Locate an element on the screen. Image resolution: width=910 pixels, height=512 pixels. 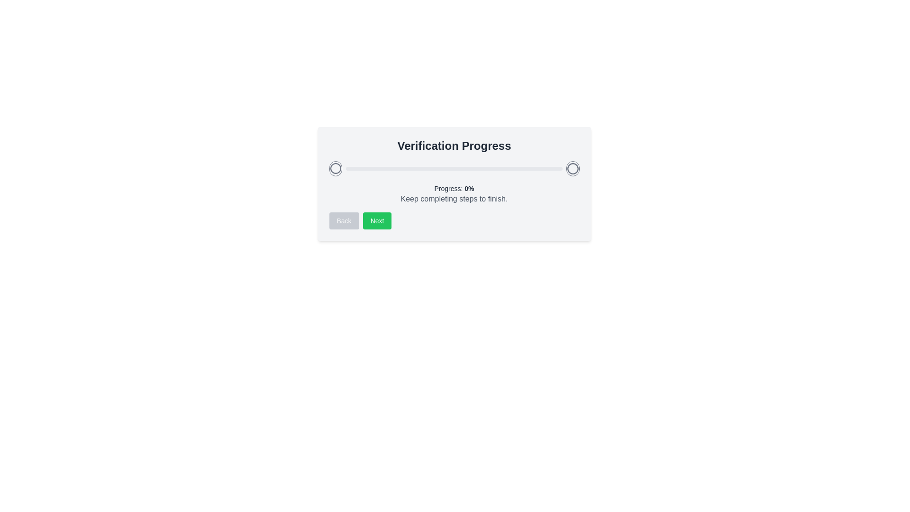
the circular graphic element with a gray border located near the right side of the Verification Progress bar is located at coordinates (572, 168).